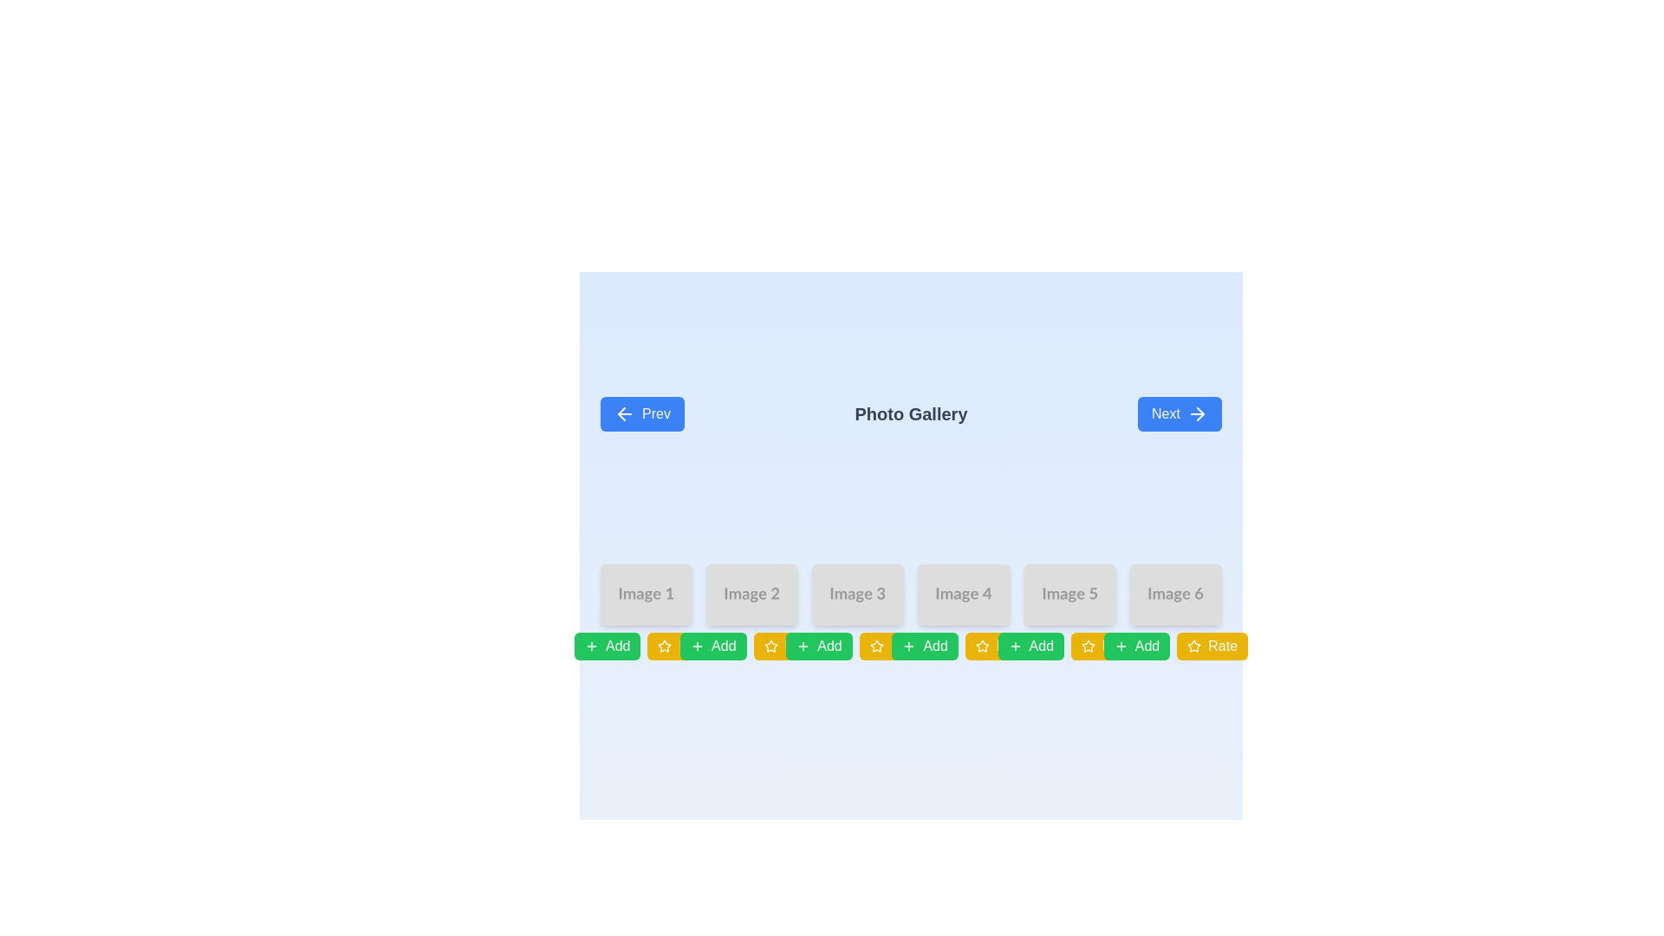 The height and width of the screenshot is (936, 1664). I want to click on the yellow 'Rate' button with rounded corners, which features a white star icon to the left of the text, so click(1212, 646).